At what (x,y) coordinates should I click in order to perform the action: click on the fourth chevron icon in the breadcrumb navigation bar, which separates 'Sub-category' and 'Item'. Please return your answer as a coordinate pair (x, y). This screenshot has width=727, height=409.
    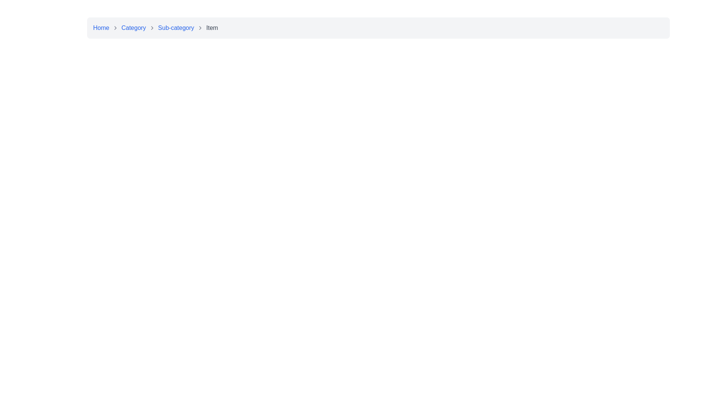
    Looking at the image, I should click on (200, 27).